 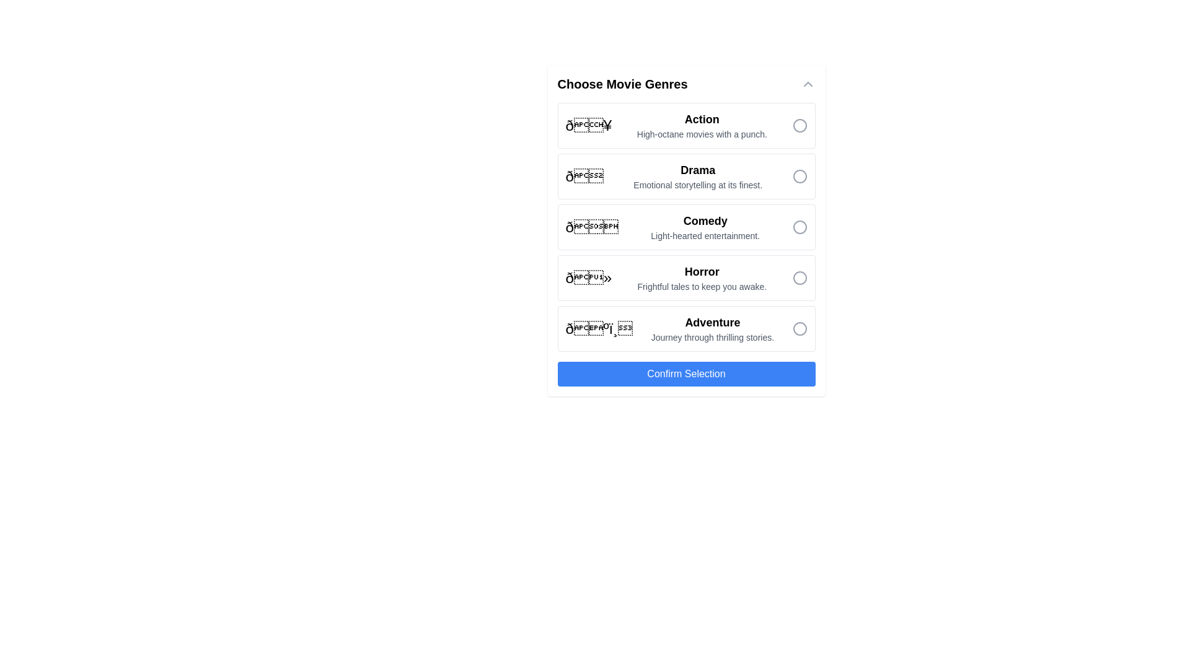 I want to click on the text label displaying 'Drama', which is bolded and larger than surrounding text, located in the second row of a vertical list, so click(x=698, y=170).